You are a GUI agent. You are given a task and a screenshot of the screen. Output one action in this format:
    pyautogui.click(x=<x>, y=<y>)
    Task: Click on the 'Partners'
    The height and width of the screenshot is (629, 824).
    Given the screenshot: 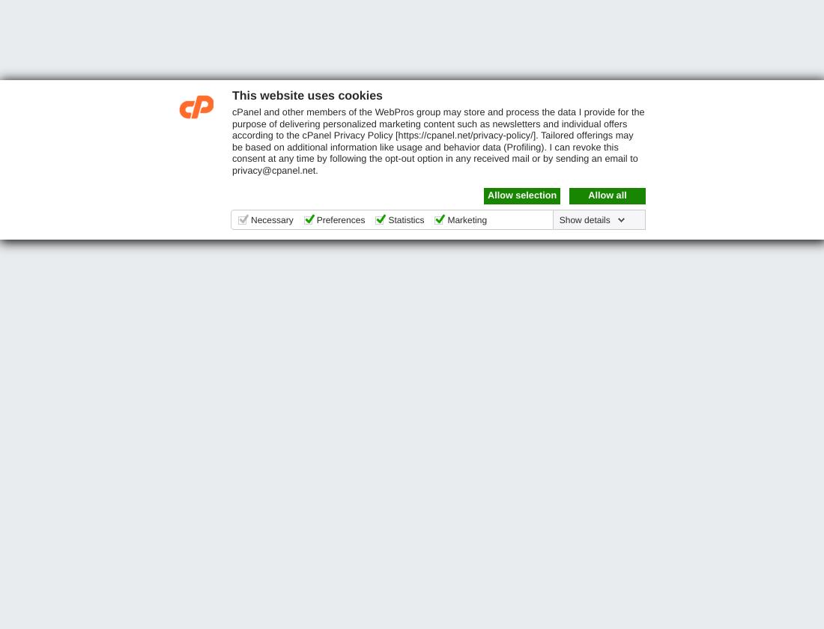 What is the action you would take?
    pyautogui.click(x=503, y=199)
    